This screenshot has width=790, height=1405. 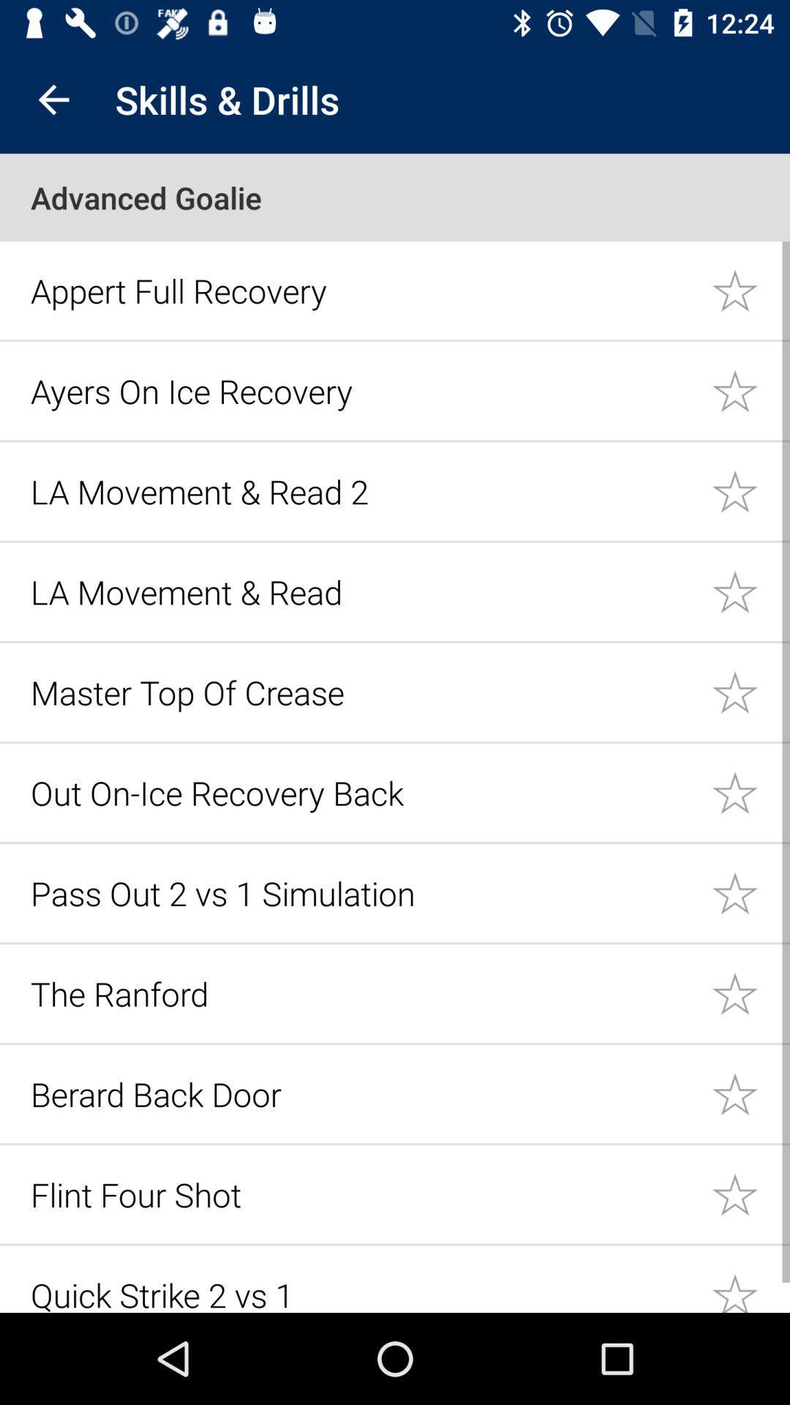 I want to click on put this game on other list too, so click(x=750, y=1194).